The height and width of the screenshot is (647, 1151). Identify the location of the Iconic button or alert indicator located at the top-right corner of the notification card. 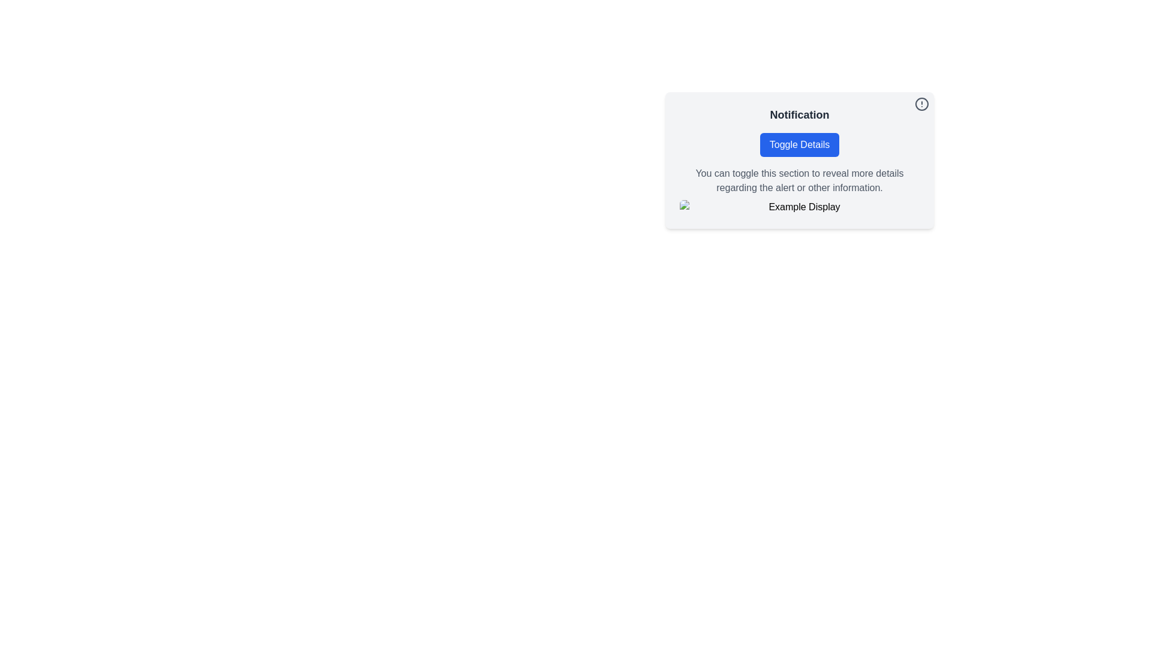
(921, 103).